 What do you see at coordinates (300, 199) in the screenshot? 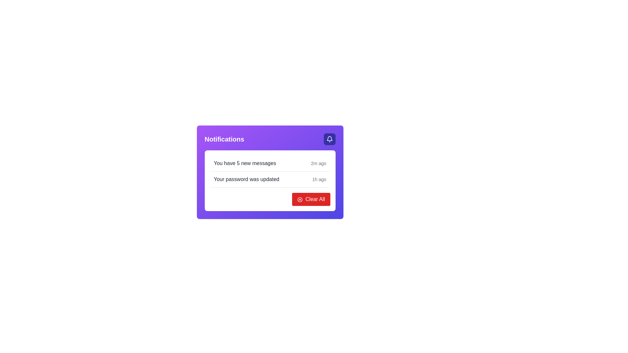
I see `the circular red icon with a crossed-out 'X' symbol located on the left end of the 'Clear All' button within the notification card` at bounding box center [300, 199].